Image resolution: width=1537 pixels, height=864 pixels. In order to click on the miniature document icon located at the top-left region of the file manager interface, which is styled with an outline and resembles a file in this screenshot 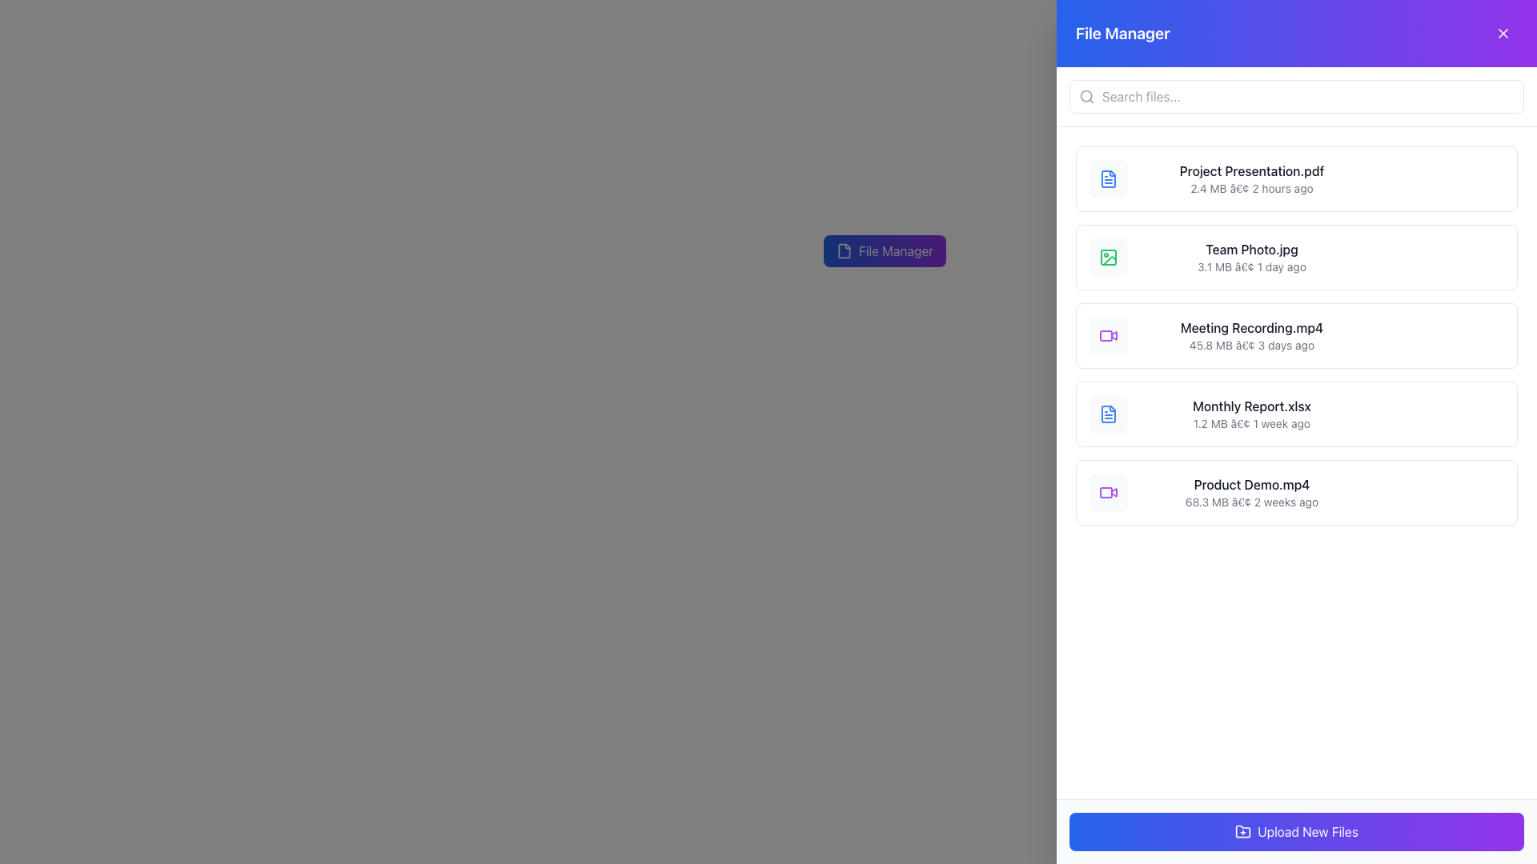, I will do `click(1108, 178)`.